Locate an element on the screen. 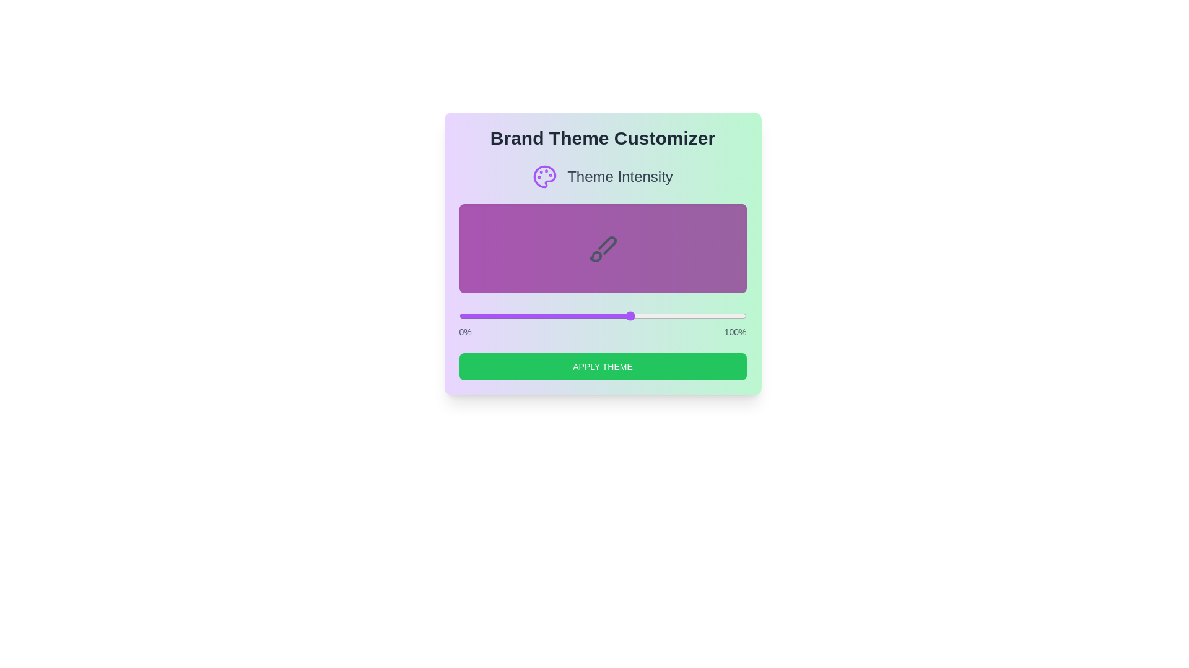  the slider to set the theme intensity to 86% is located at coordinates (706, 315).